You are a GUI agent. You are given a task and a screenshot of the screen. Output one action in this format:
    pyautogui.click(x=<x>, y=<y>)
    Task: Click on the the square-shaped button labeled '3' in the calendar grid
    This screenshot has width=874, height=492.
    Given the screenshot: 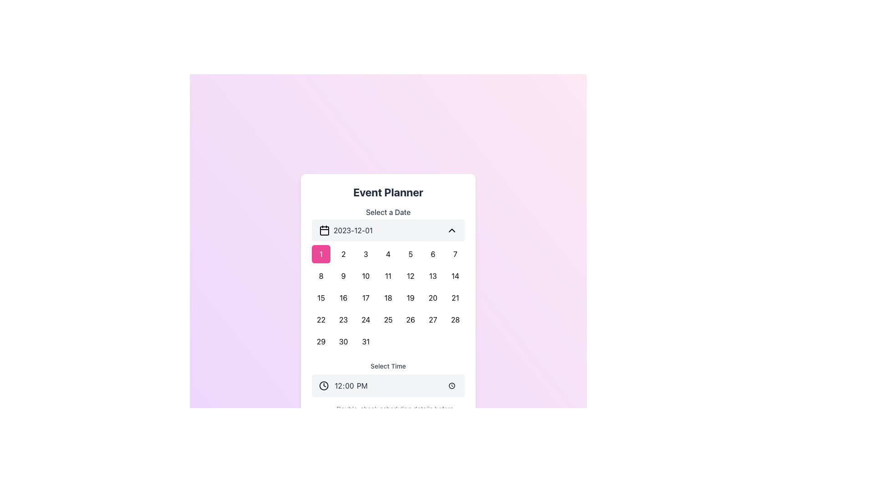 What is the action you would take?
    pyautogui.click(x=366, y=254)
    